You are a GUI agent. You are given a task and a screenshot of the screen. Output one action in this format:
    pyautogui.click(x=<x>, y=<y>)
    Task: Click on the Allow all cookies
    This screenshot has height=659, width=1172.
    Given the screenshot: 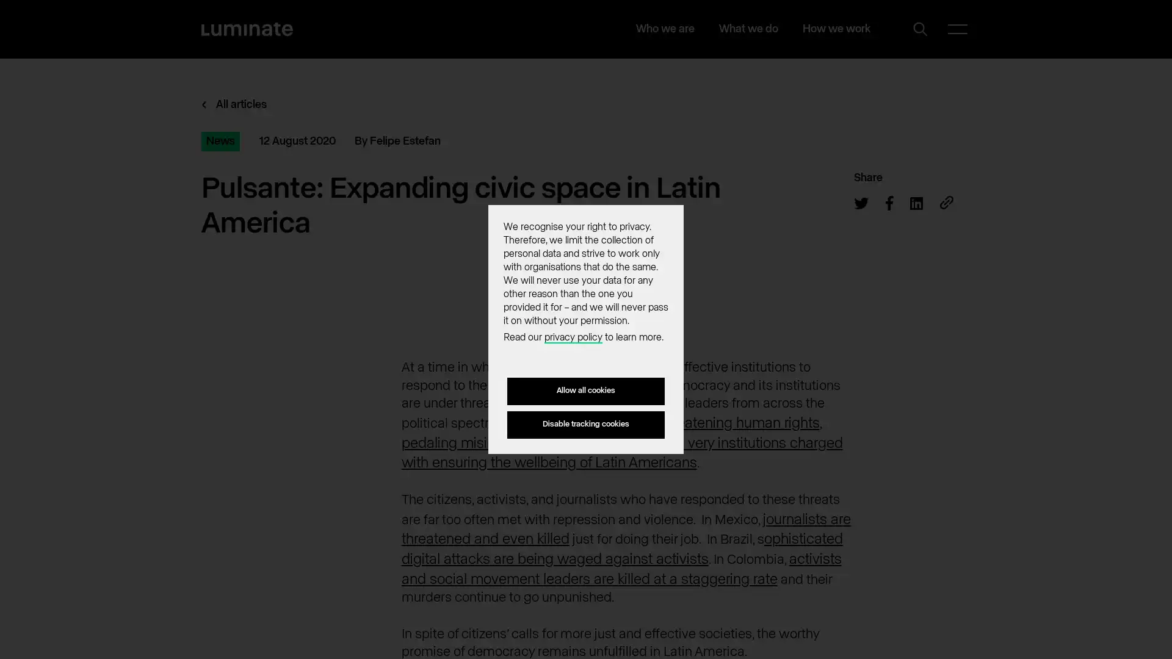 What is the action you would take?
    pyautogui.click(x=586, y=391)
    